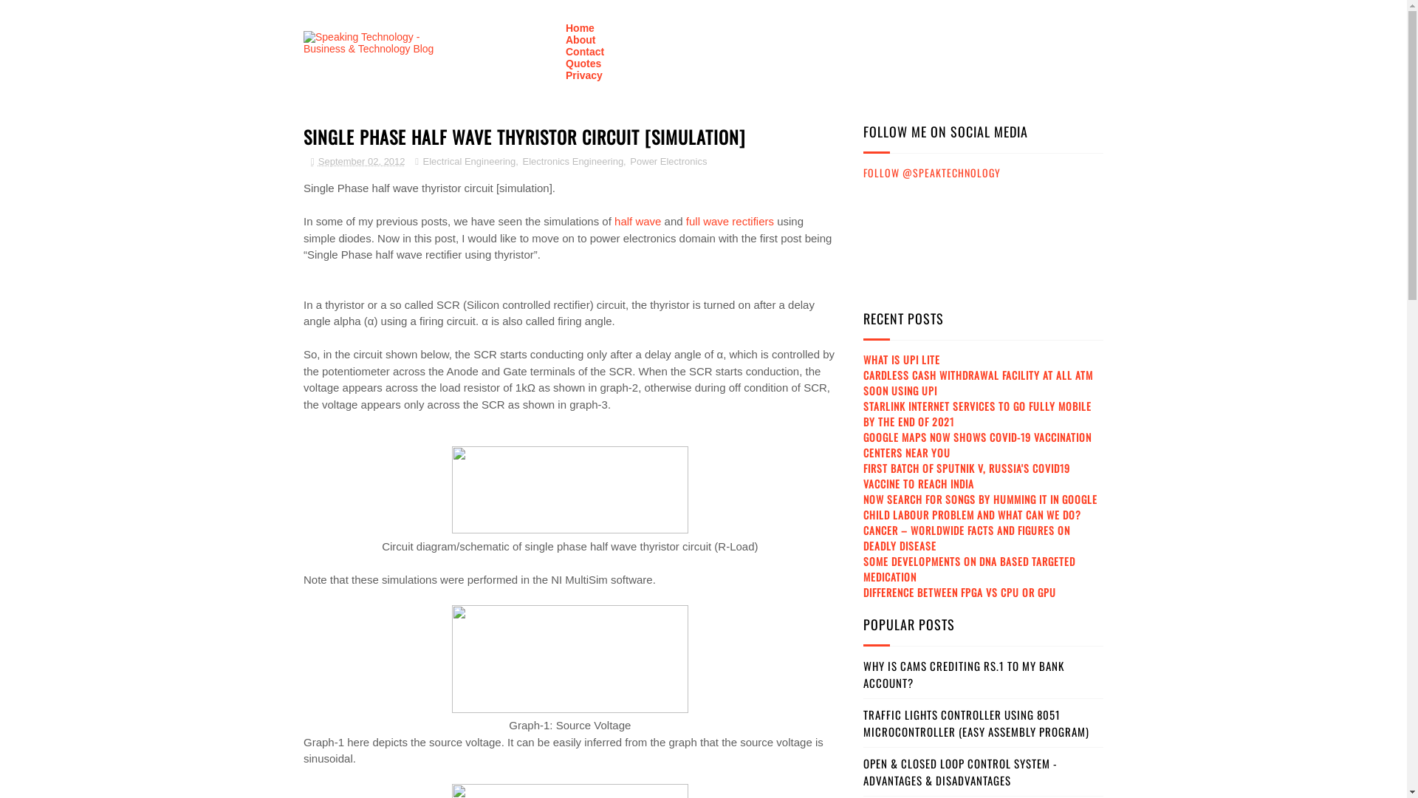 The height and width of the screenshot is (798, 1418). I want to click on 'WHY IS CAMS CREDITING RS.1 TO MY BANK ACCOUNT?', so click(964, 674).